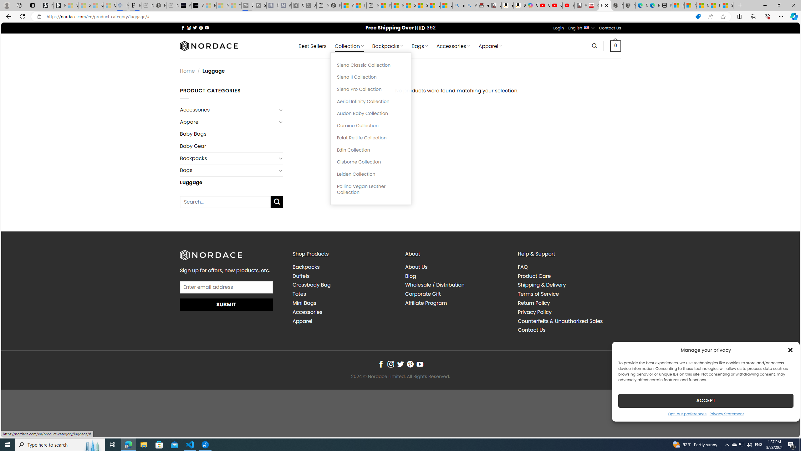  Describe the element at coordinates (538, 294) in the screenshot. I see `'Terms of Service'` at that location.